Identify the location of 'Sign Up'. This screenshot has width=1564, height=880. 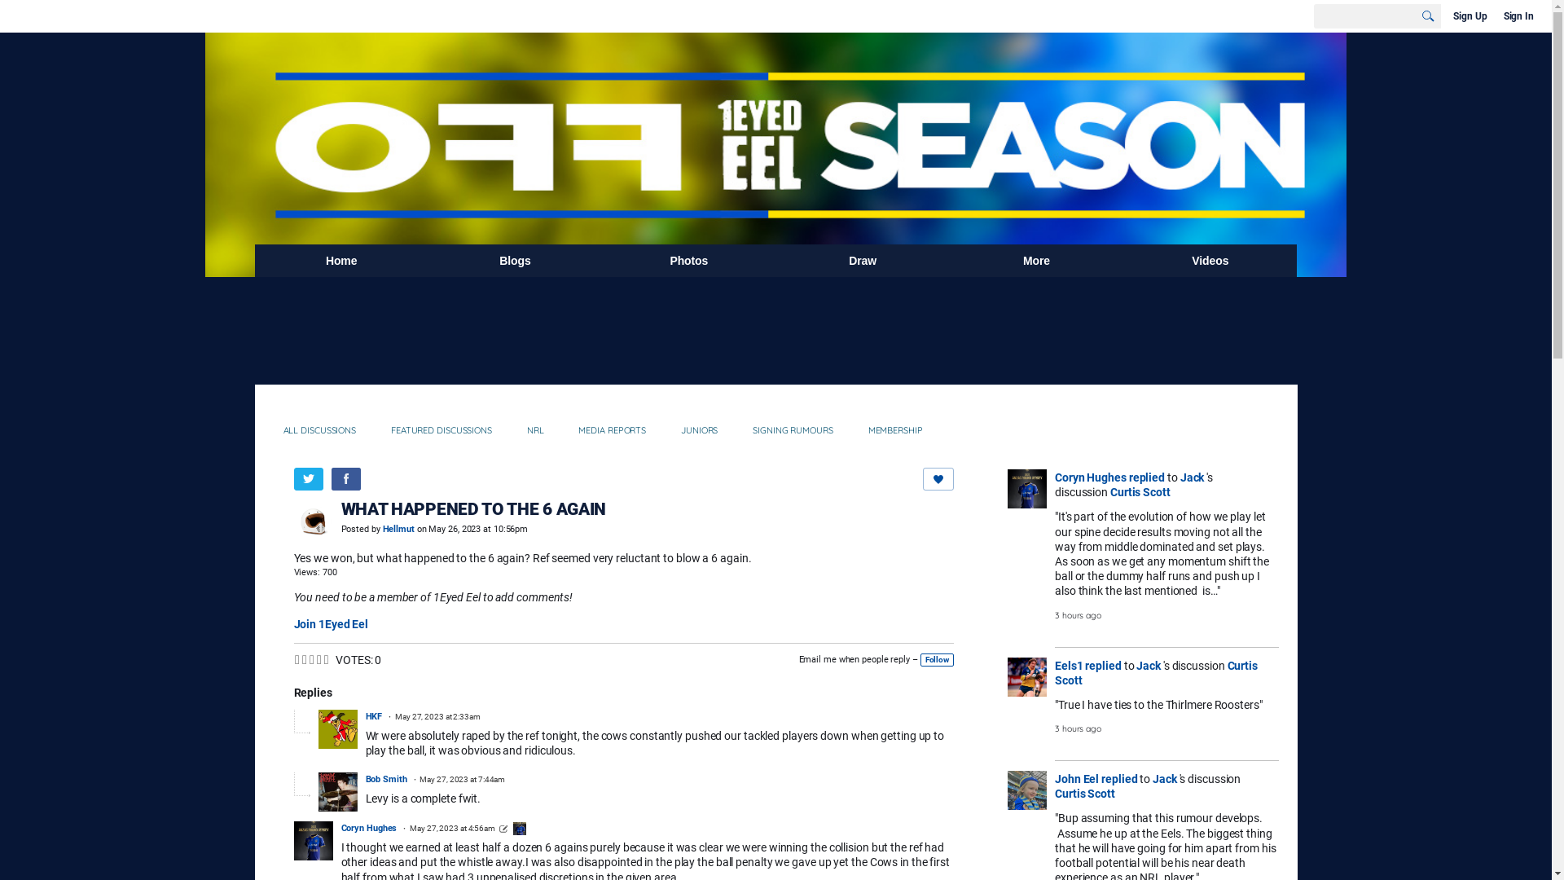
(1449, 15).